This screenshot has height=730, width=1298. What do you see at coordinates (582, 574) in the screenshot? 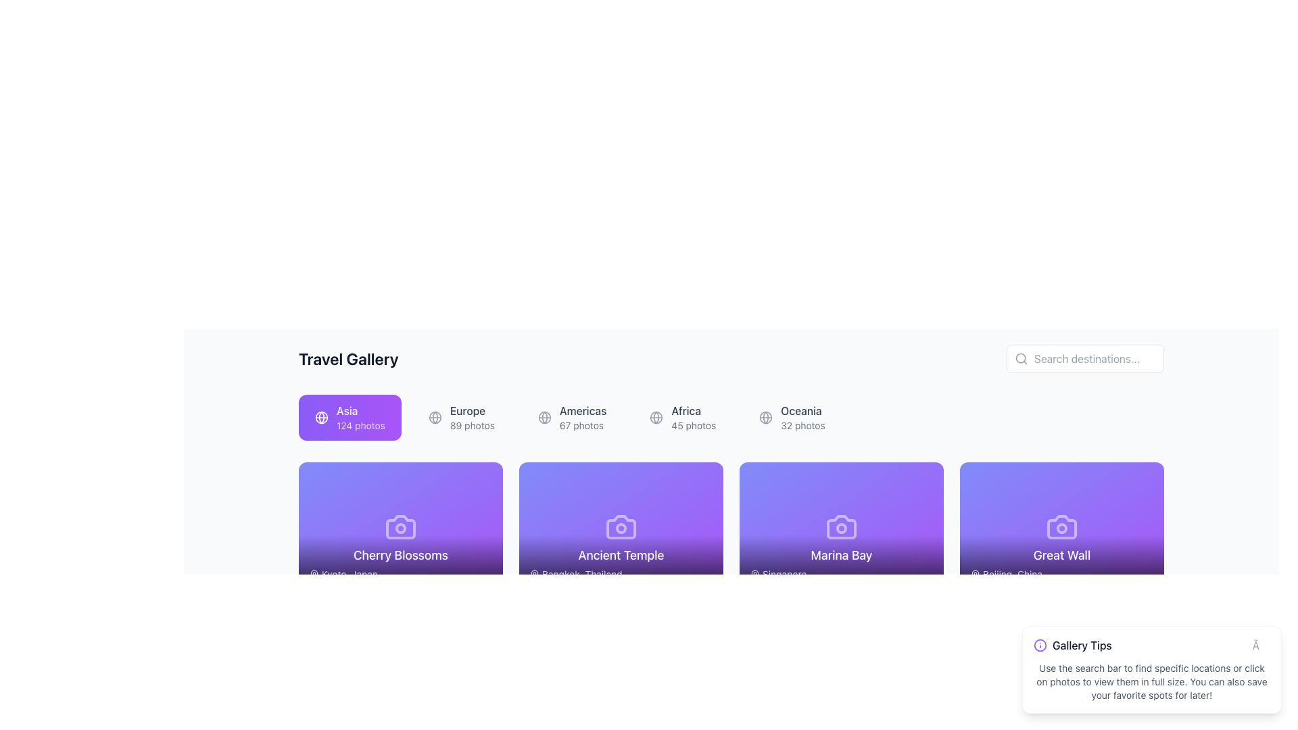
I see `the text label displaying 'Bangkok, Thailand' located at the bottom center of the 'Ancient Temple' card in the second column of travel destination cards` at bounding box center [582, 574].